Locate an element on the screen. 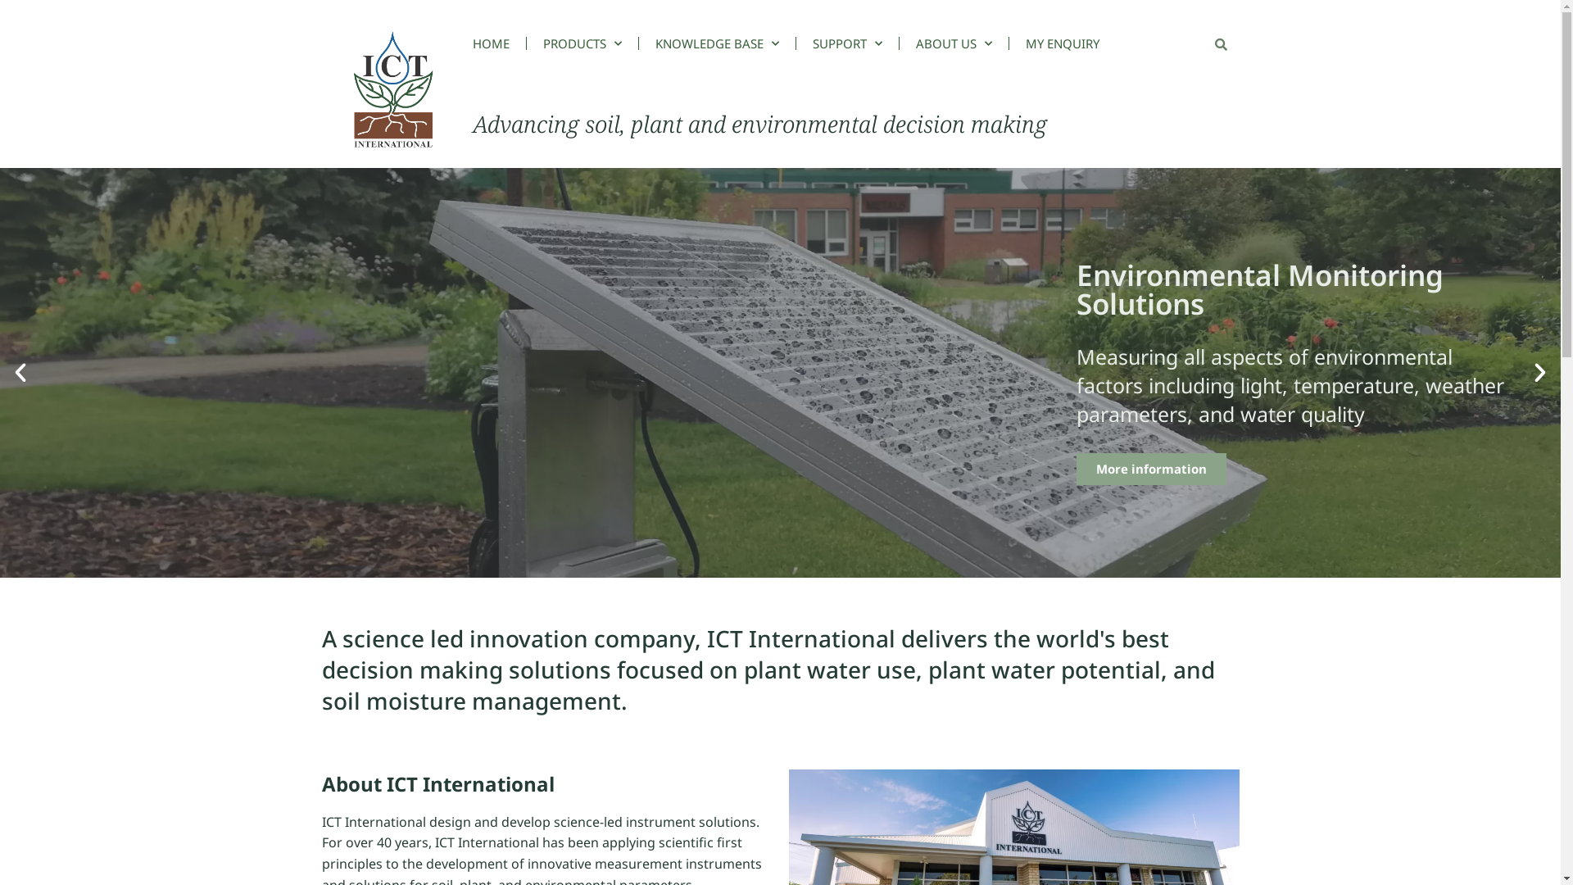 This screenshot has height=885, width=1573. 'KNOWLEDGE BASE' is located at coordinates (717, 43).